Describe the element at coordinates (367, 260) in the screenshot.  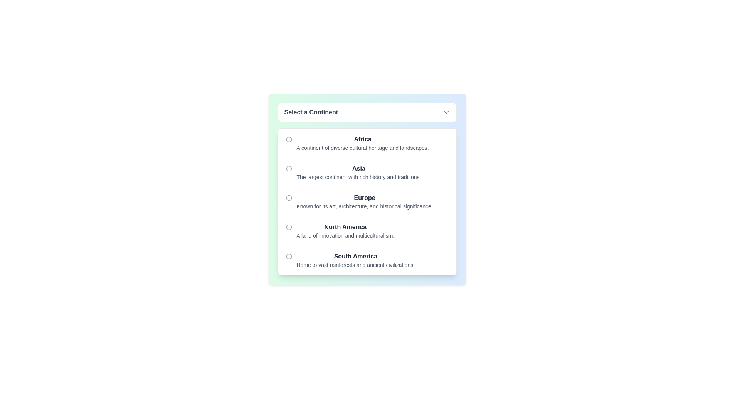
I see `the fifth and final informational list item that provides details about 'South America'` at that location.